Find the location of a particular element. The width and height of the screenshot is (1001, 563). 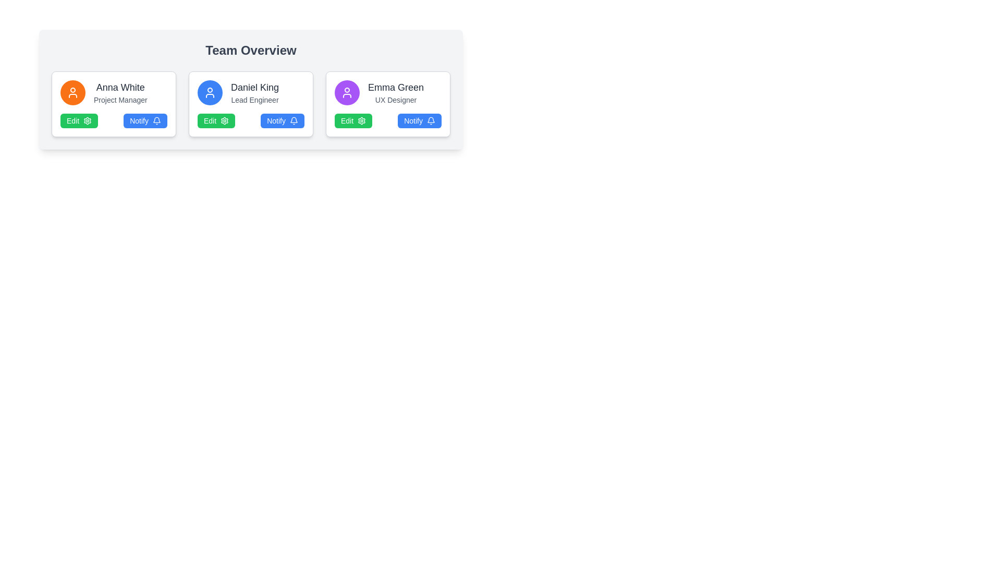

the notification bell icon with a blue background and white outline, located to the right of the 'Notify' text in the button of the second card under 'Team Overview' is located at coordinates (294, 120).